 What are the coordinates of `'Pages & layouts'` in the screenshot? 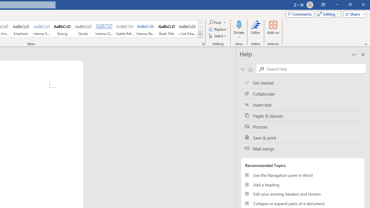 It's located at (302, 116).